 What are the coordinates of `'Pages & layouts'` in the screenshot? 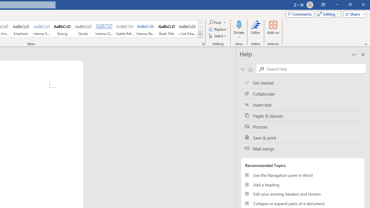 It's located at (302, 116).